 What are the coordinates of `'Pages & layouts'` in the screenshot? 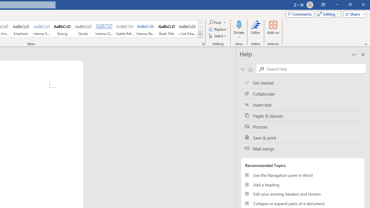 It's located at (302, 116).